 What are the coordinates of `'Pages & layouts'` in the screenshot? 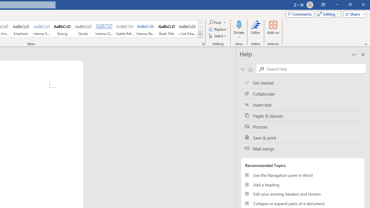 It's located at (302, 116).